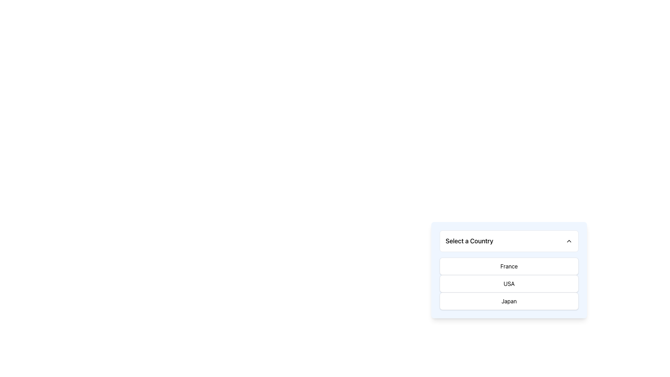  I want to click on the text label 'France' in the dropdown menu titled 'Select a Country', so click(509, 266).